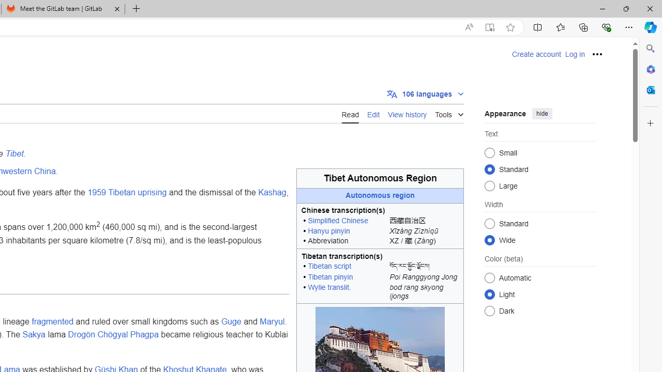 This screenshot has height=372, width=662. What do you see at coordinates (380, 178) in the screenshot?
I see `'Tibet Autonomous Region'` at bounding box center [380, 178].